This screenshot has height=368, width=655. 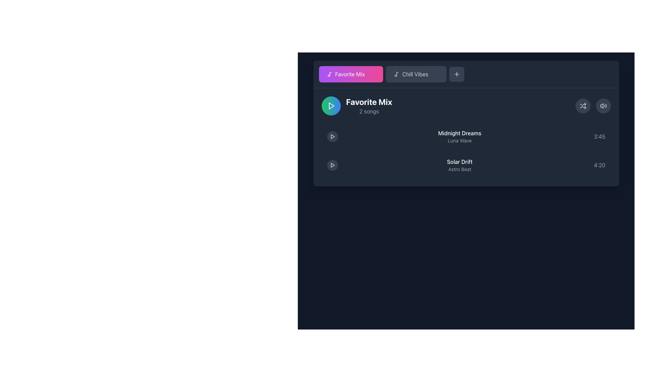 I want to click on the 'Chill Vibes' button located between the 'Favorite Mix' button and the circular plus icon button at the top of the interface, so click(x=416, y=74).